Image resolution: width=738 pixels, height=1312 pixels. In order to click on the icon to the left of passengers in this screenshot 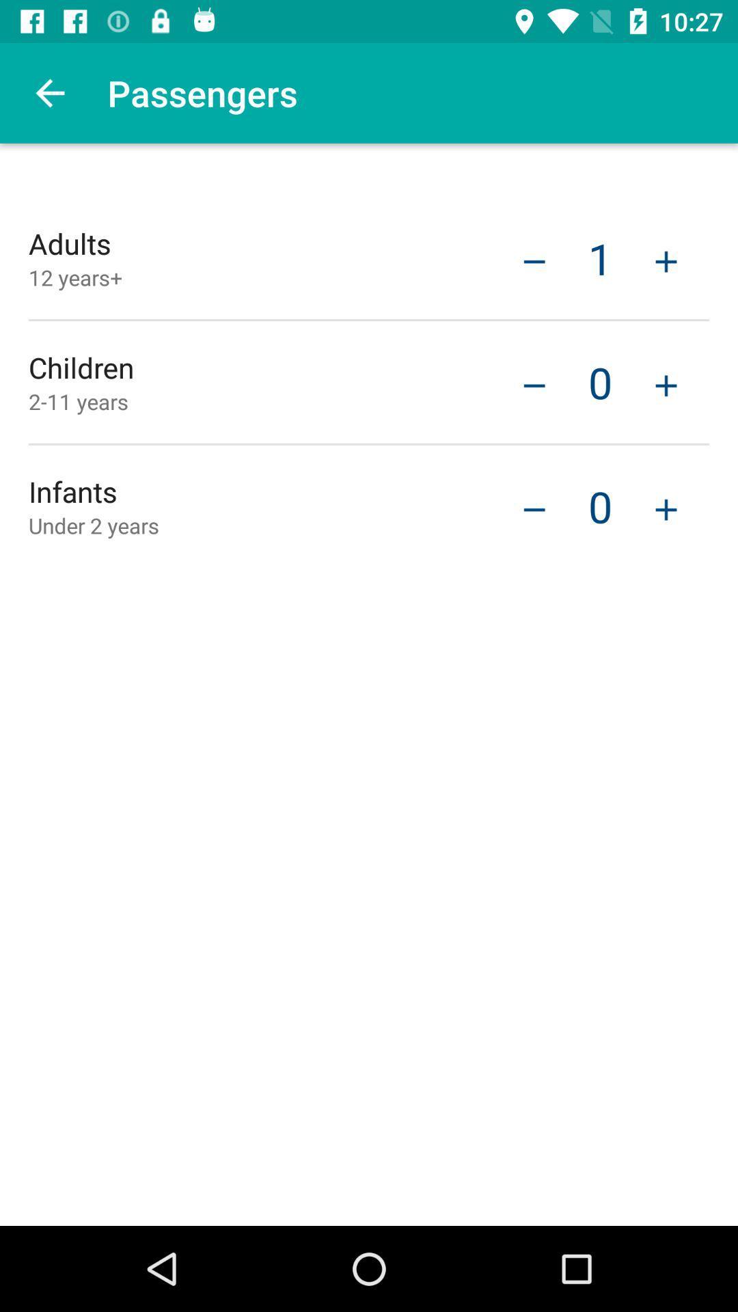, I will do `click(49, 92)`.